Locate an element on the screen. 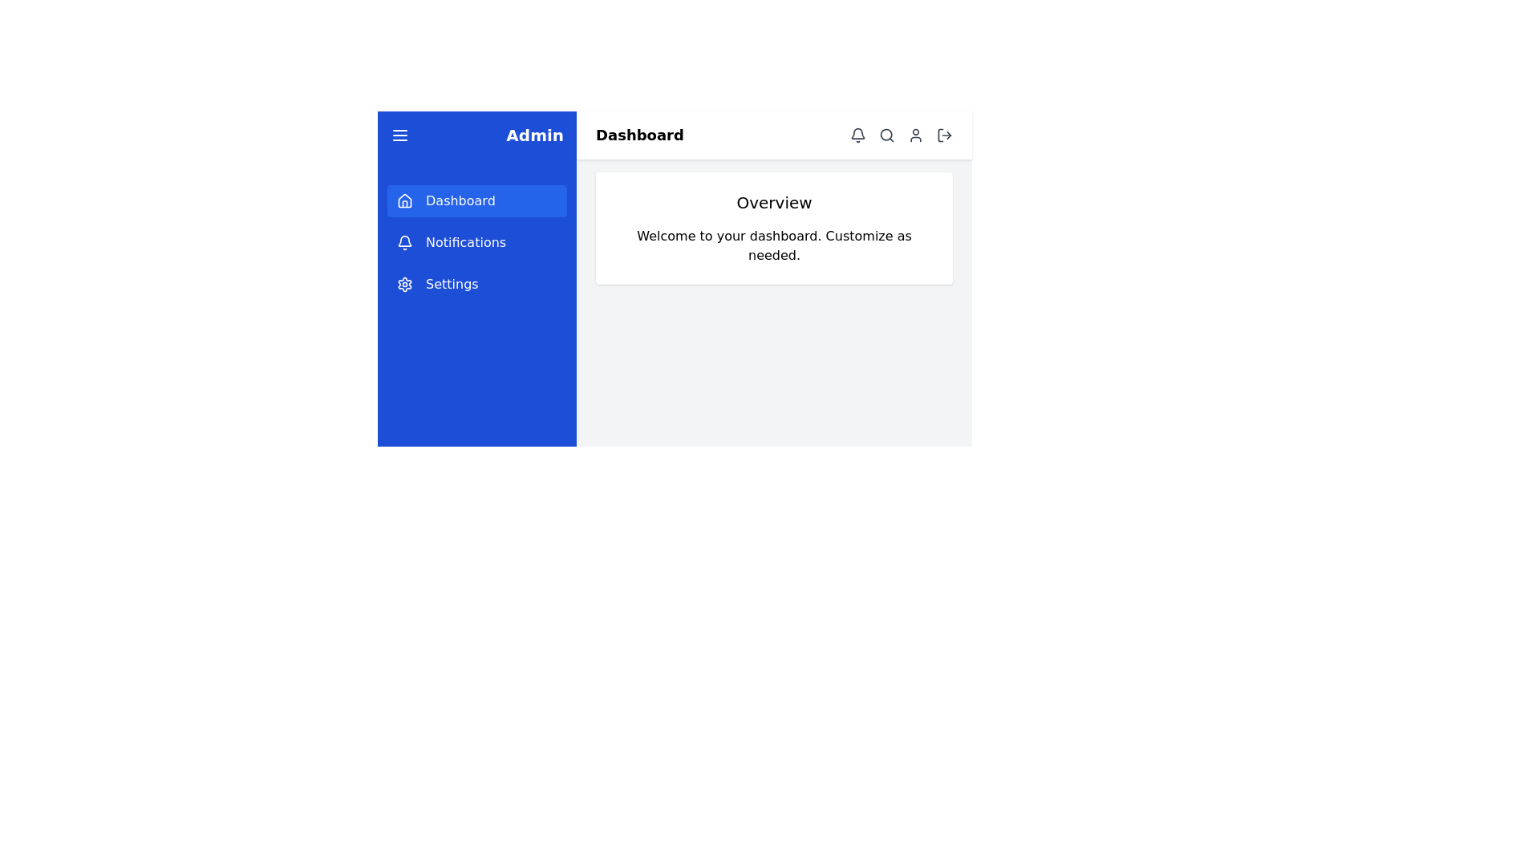  the house-shaped icon located in the sidebar navigation menu, which is positioned to the left of the 'Dashboard' label is located at coordinates (404, 200).